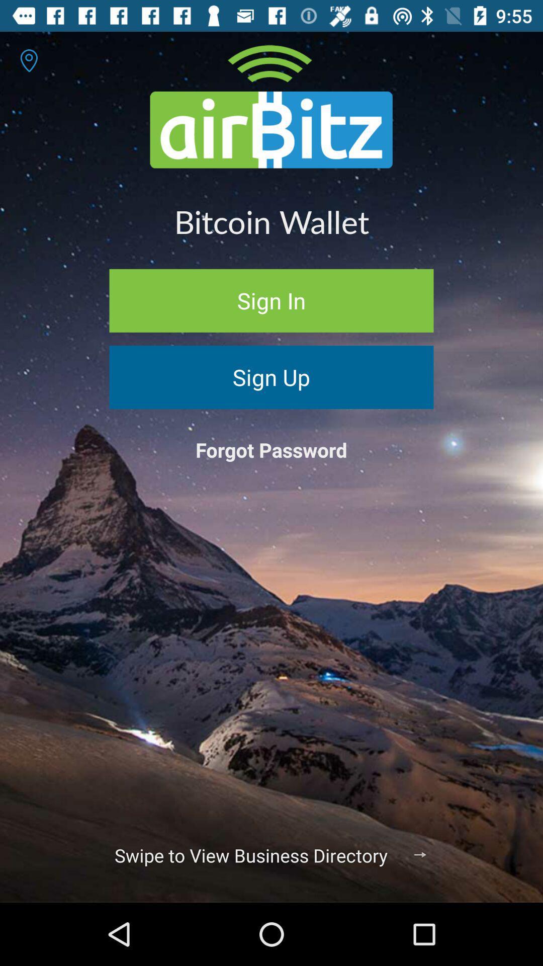 This screenshot has height=966, width=543. What do you see at coordinates (28, 60) in the screenshot?
I see `icon above bitcoin wallet icon` at bounding box center [28, 60].